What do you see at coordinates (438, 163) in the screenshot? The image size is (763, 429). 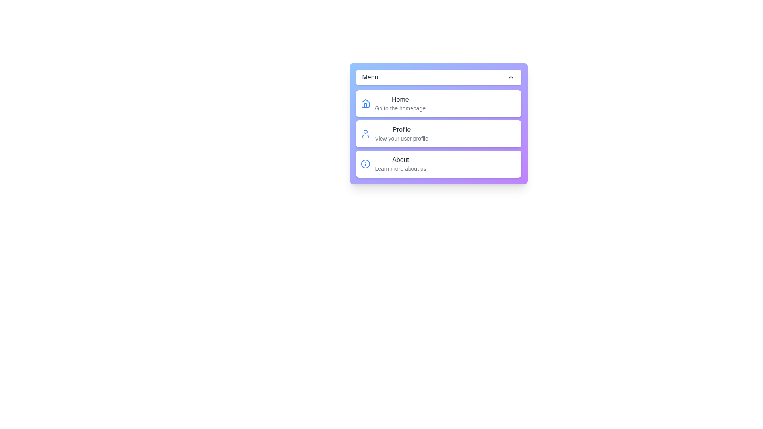 I see `the menu item About to select it` at bounding box center [438, 163].